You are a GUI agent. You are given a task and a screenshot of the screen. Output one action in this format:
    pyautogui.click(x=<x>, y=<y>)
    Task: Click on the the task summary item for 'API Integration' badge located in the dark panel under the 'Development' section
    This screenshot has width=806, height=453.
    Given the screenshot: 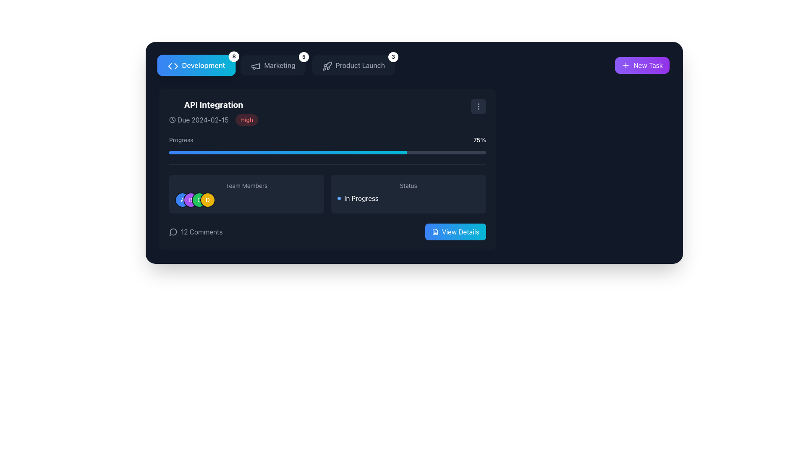 What is the action you would take?
    pyautogui.click(x=213, y=112)
    